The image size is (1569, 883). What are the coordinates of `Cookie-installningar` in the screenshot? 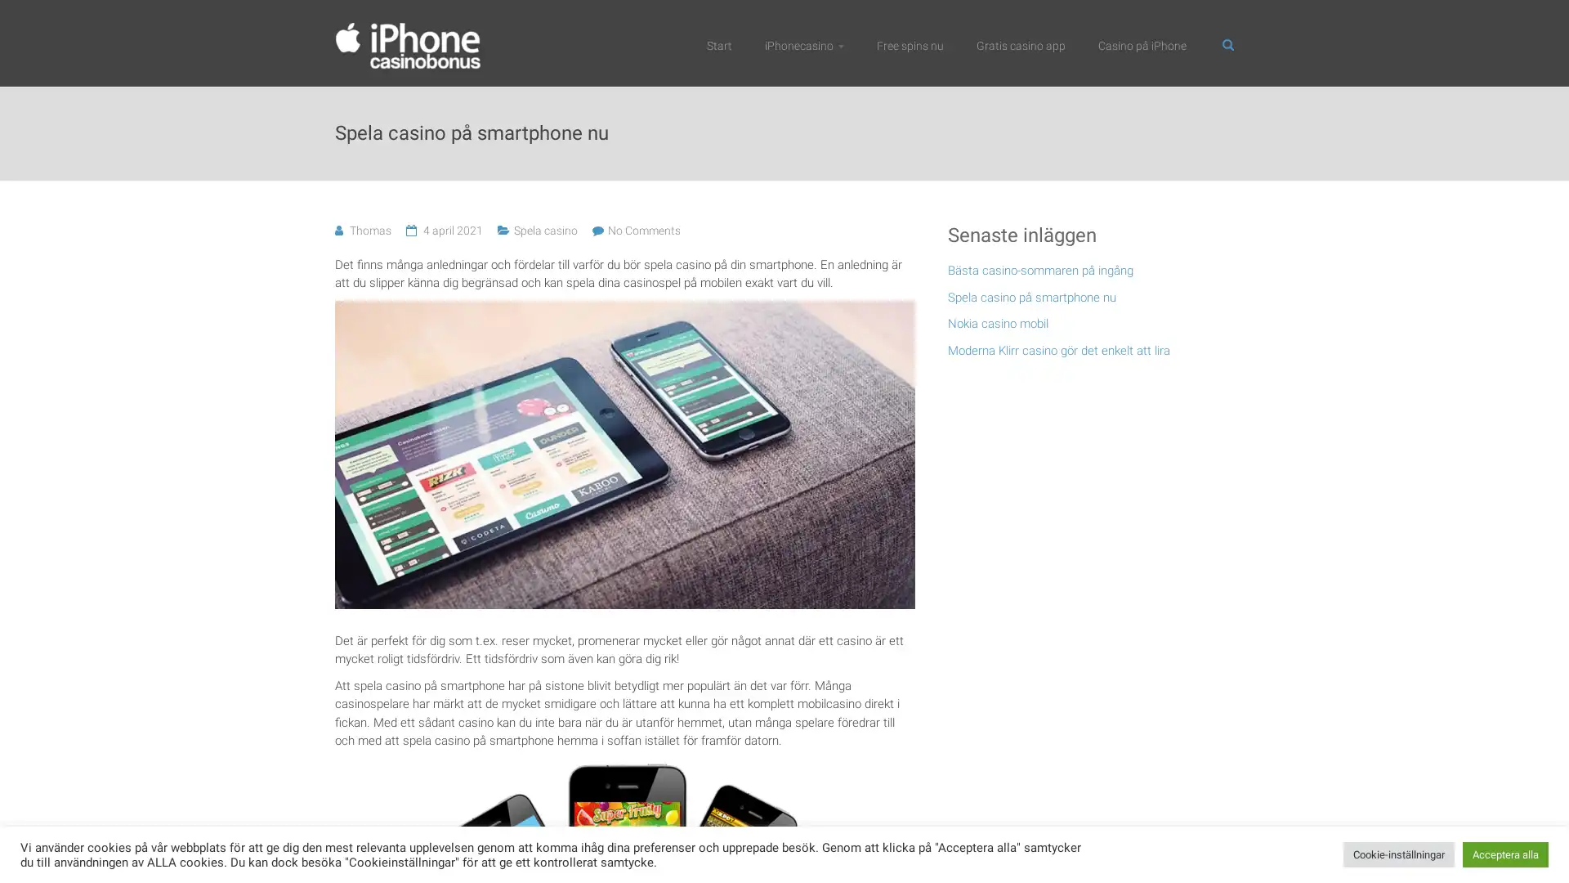 It's located at (1398, 854).